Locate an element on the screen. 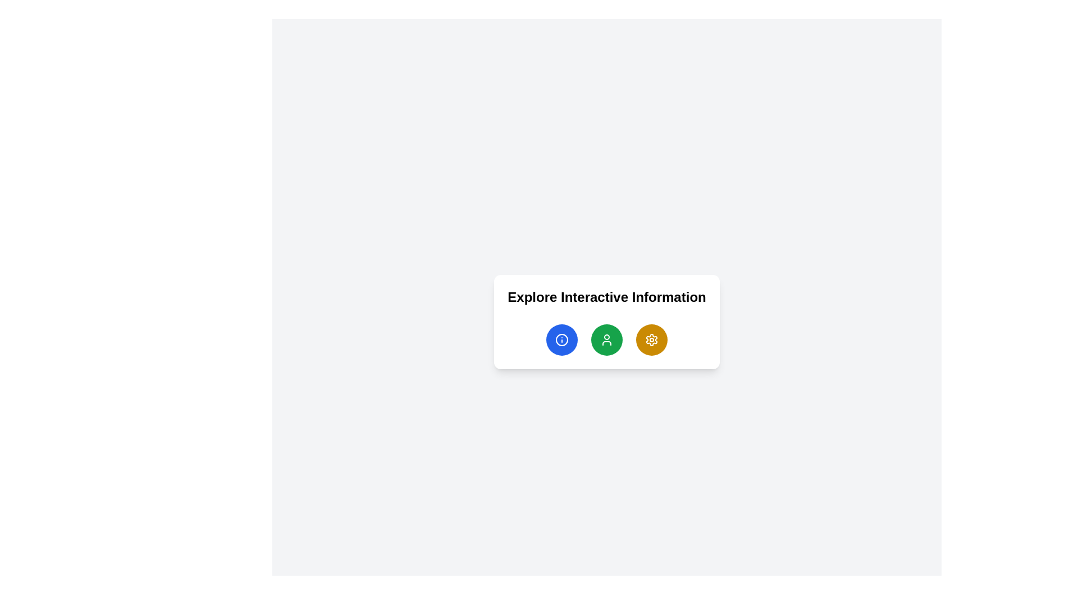  the circular button with a yellow background and a white gear icon, located beneath the 'Explore Interactive Information' label and positioned to the far right among three buttons is located at coordinates (652, 339).